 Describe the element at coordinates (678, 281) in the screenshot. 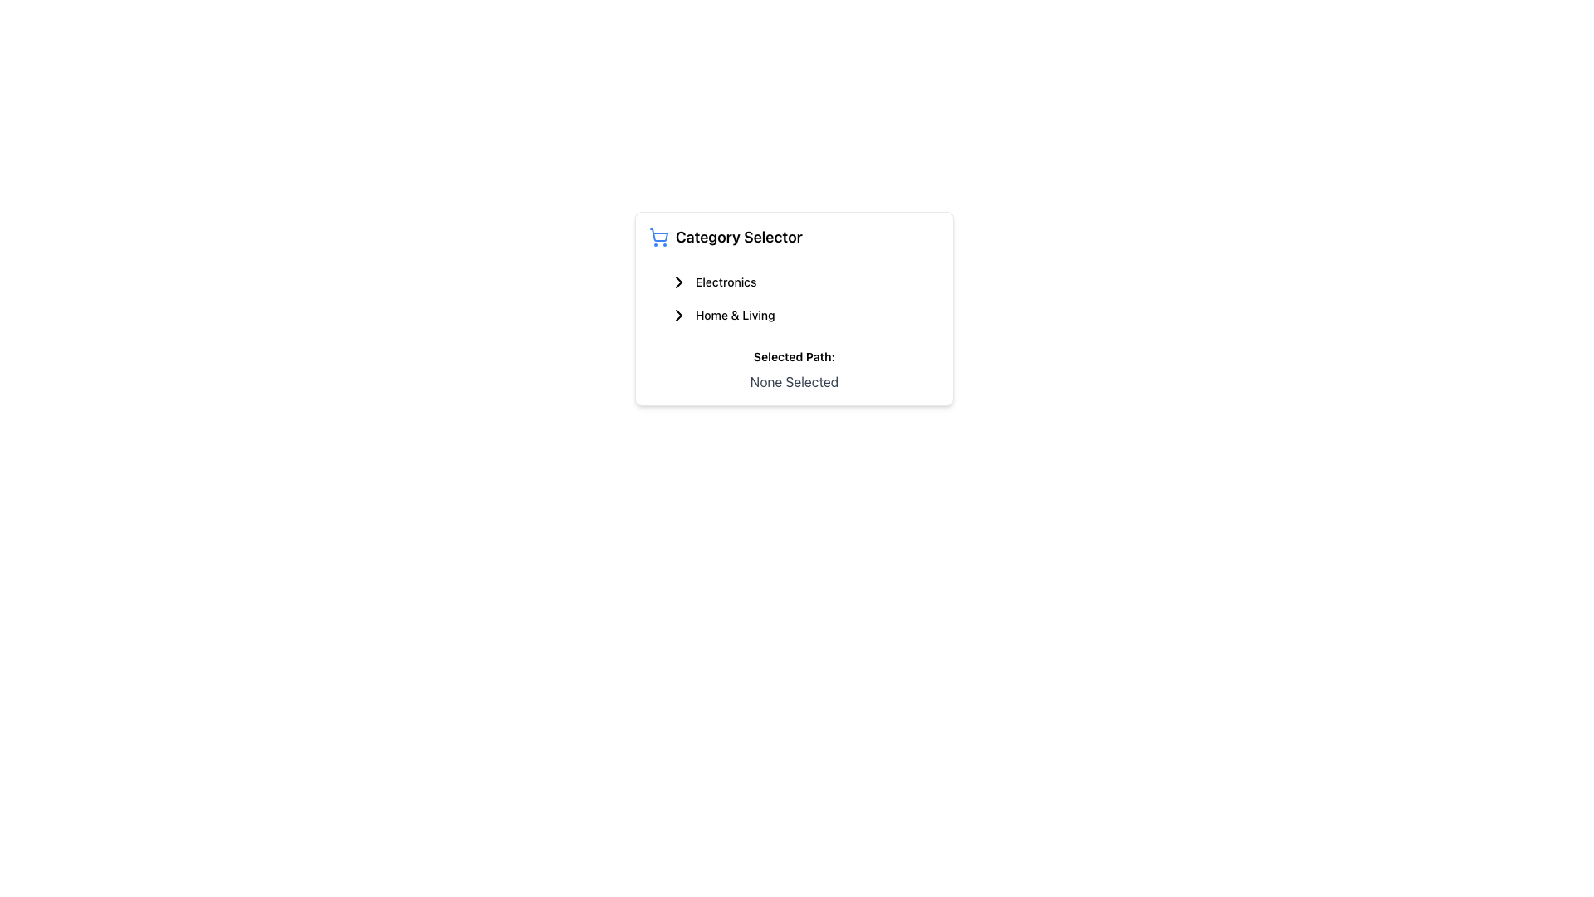

I see `the right-pointing chevron arrow icon located adjacent to the text 'Home & Living'` at that location.